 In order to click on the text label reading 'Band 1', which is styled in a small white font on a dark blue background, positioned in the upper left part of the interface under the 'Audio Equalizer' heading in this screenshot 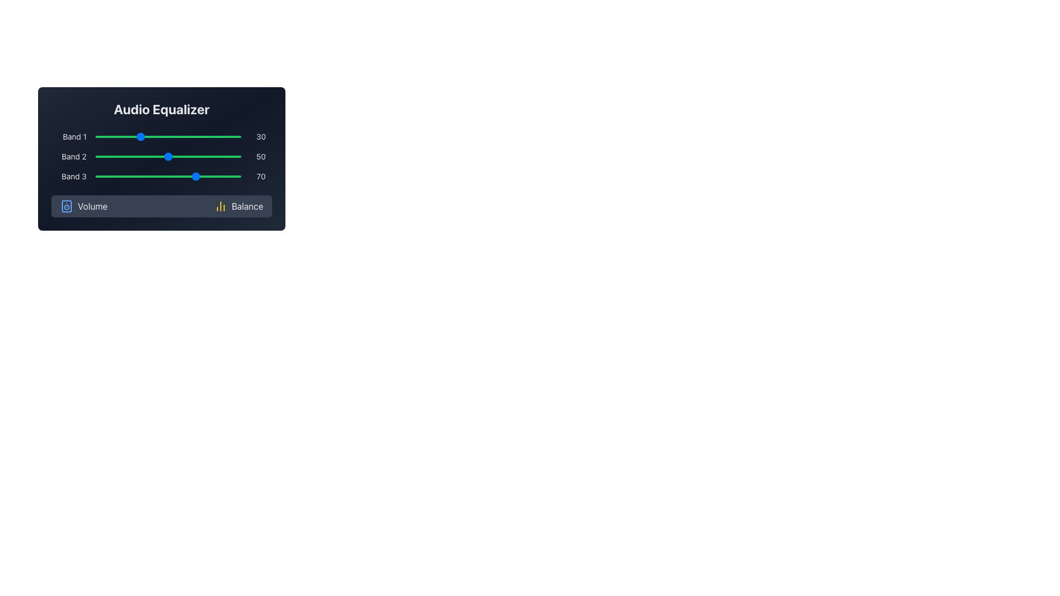, I will do `click(68, 136)`.